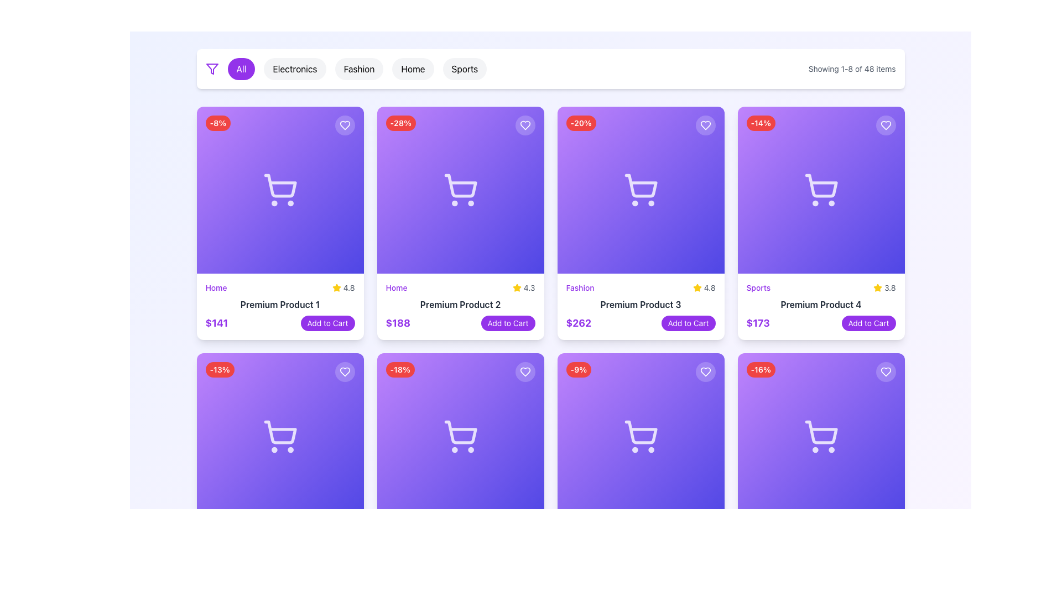 The width and height of the screenshot is (1062, 597). I want to click on the shopping cart icon located in the bottom-right purple card of the grid interface, which has a '-16%' badge on the top-left corner and a heart icon on the top-right corner, so click(821, 436).